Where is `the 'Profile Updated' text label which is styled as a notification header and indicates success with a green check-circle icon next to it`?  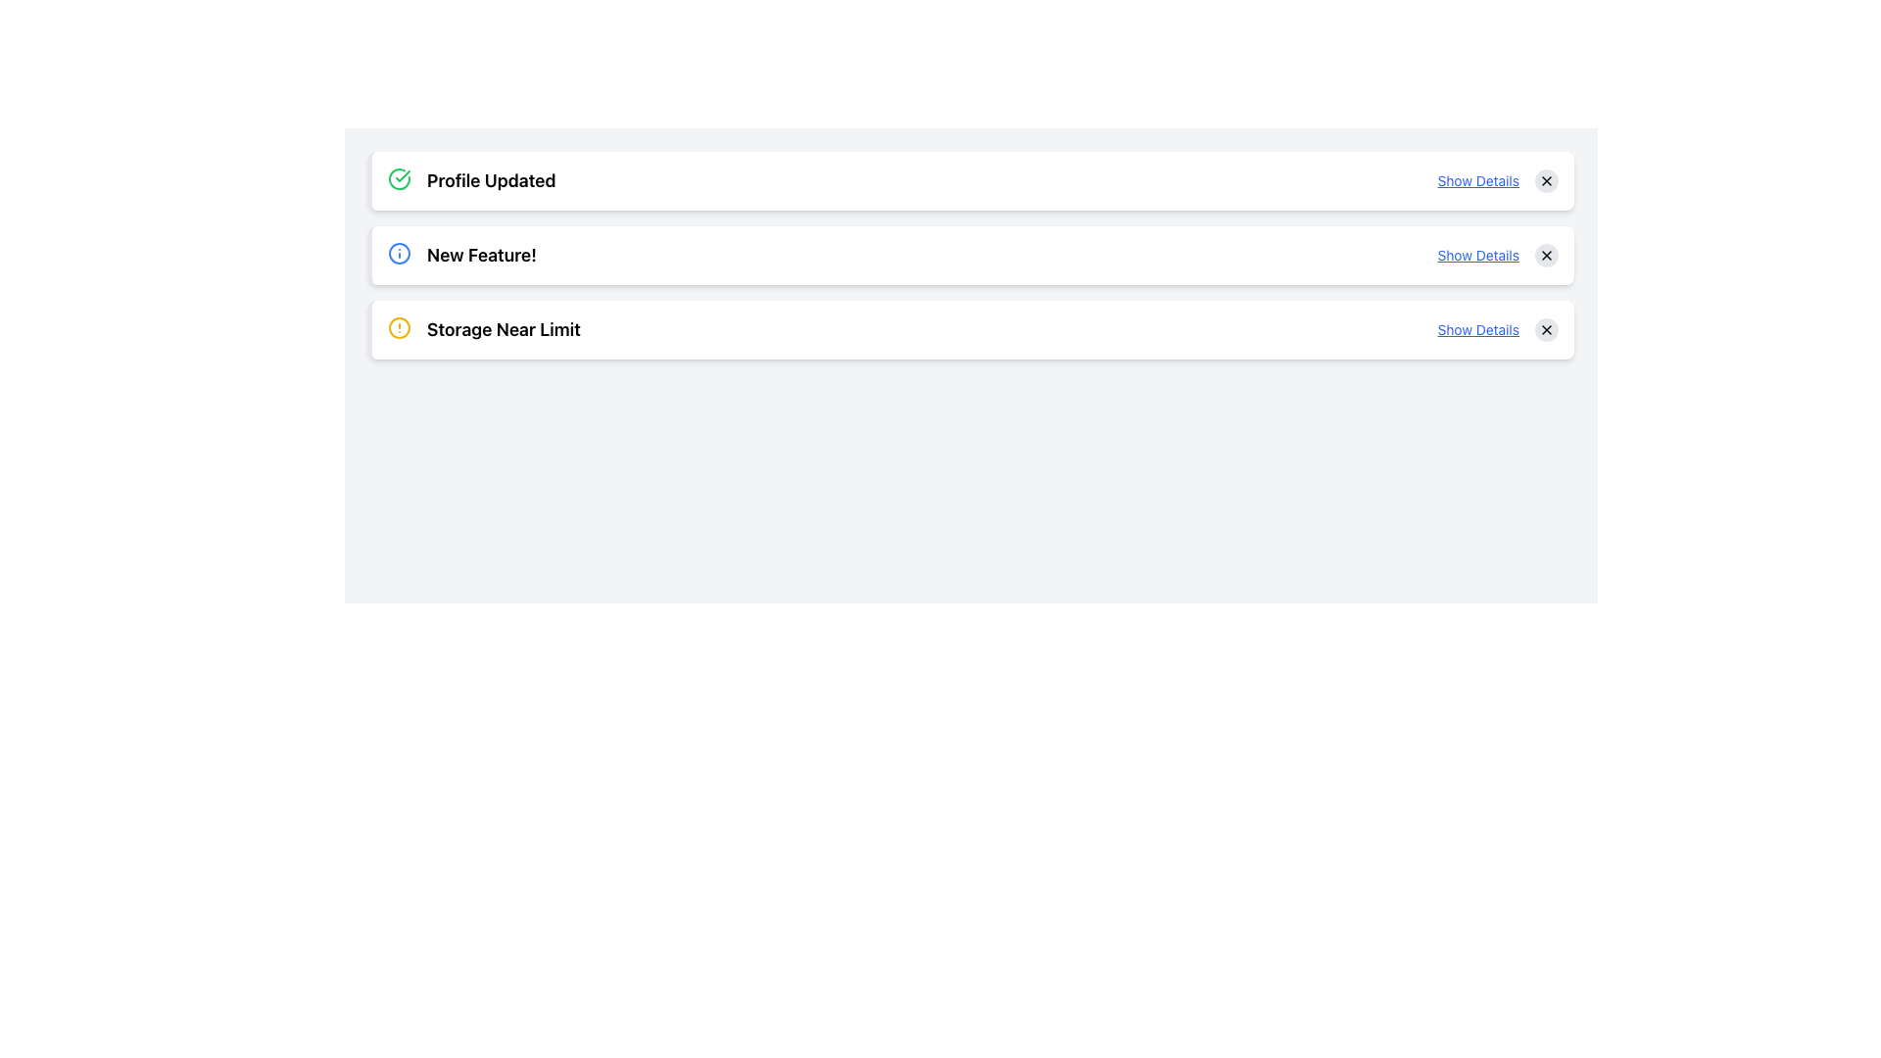 the 'Profile Updated' text label which is styled as a notification header and indicates success with a green check-circle icon next to it is located at coordinates (491, 181).